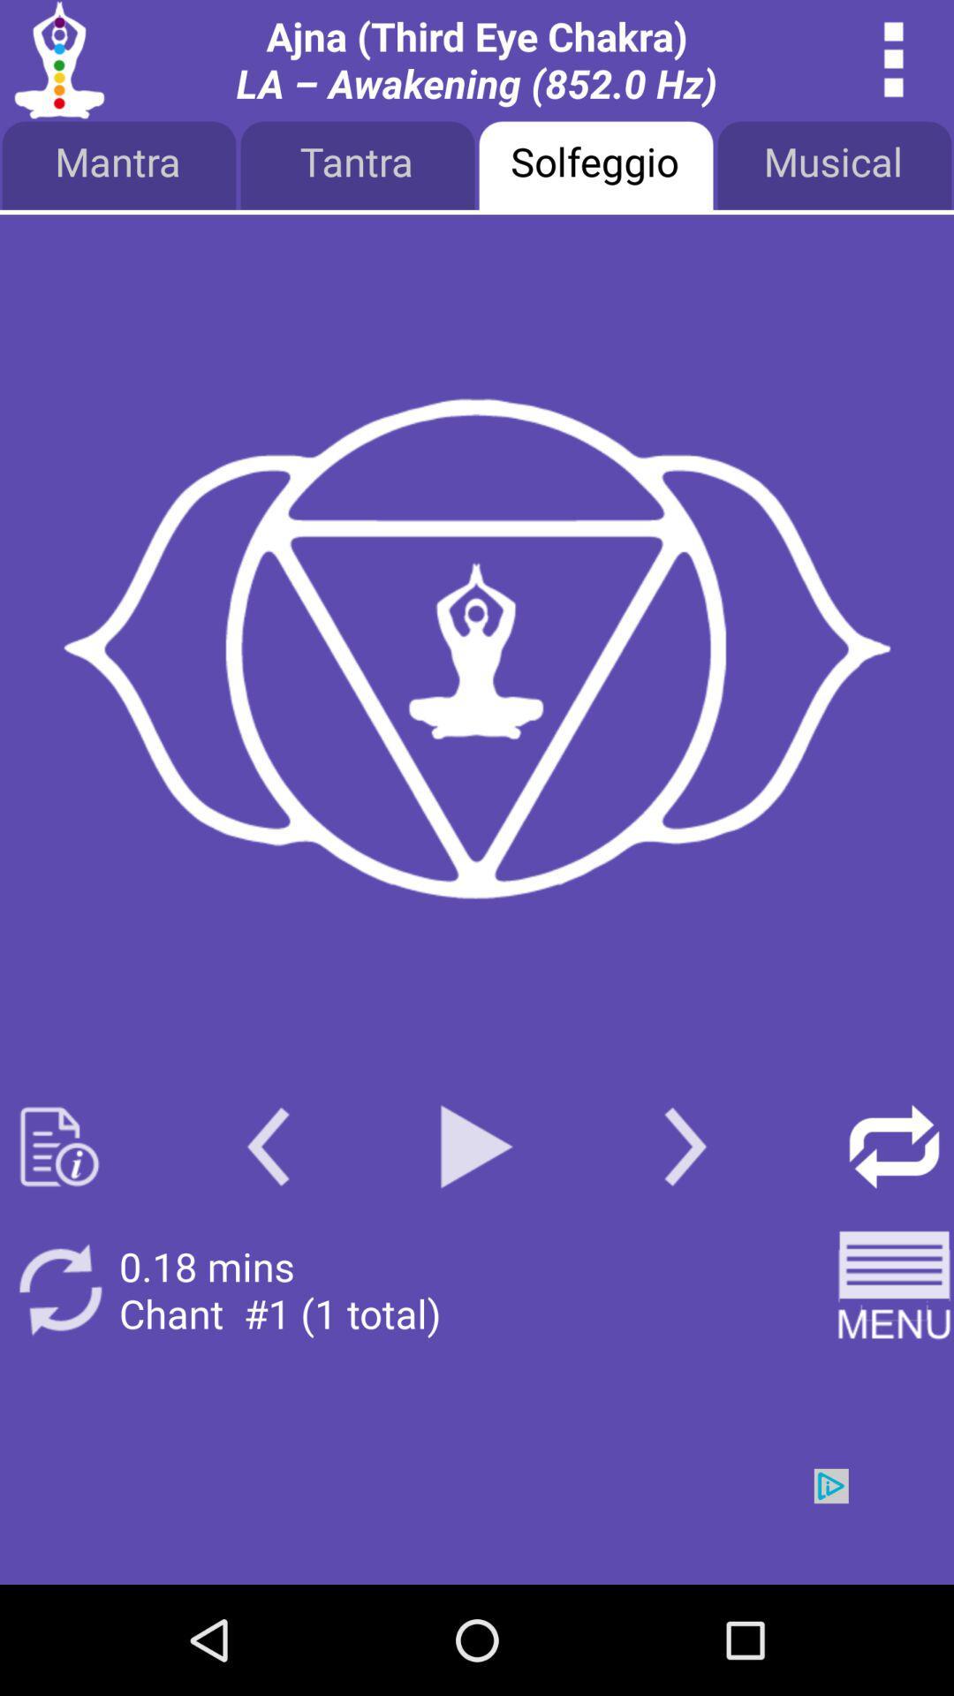  I want to click on overflow menu, so click(894, 59).